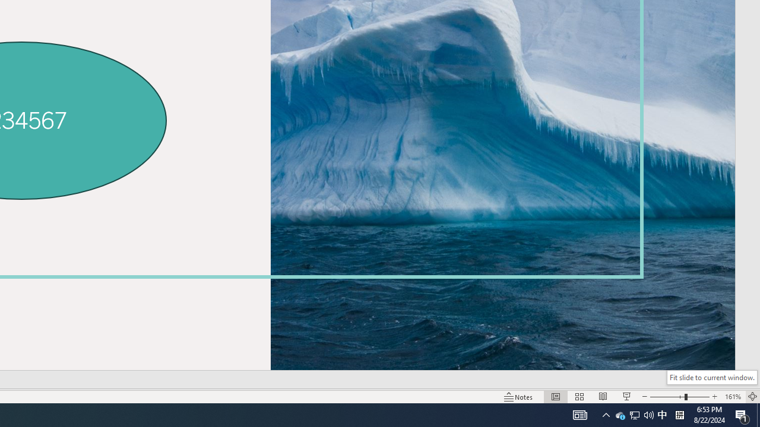  Describe the element at coordinates (667, 397) in the screenshot. I see `'Zoom Out'` at that location.